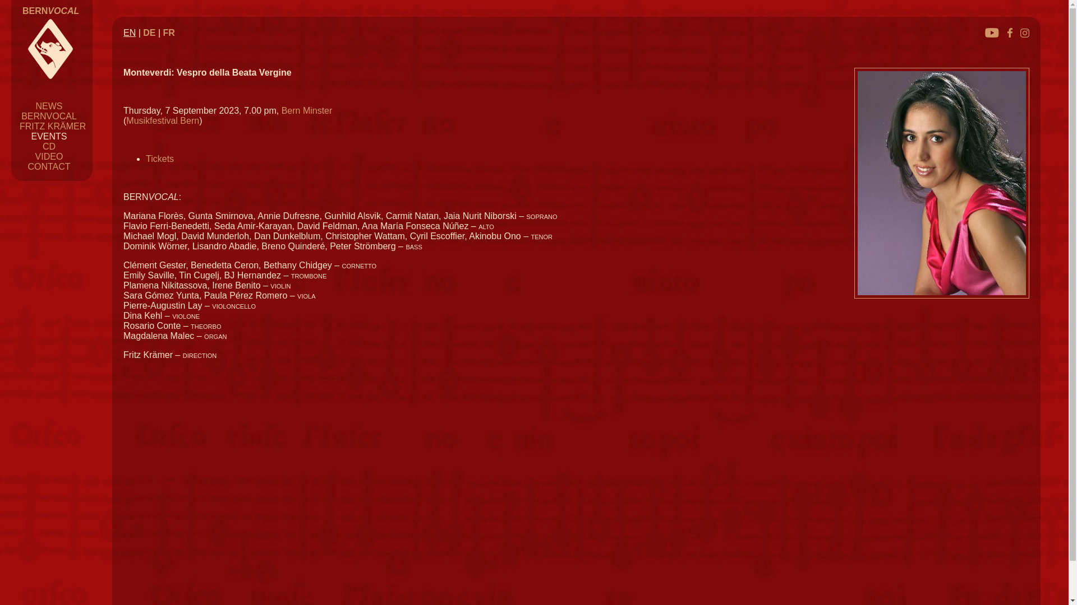  Describe the element at coordinates (48, 166) in the screenshot. I see `'CONTACT'` at that location.